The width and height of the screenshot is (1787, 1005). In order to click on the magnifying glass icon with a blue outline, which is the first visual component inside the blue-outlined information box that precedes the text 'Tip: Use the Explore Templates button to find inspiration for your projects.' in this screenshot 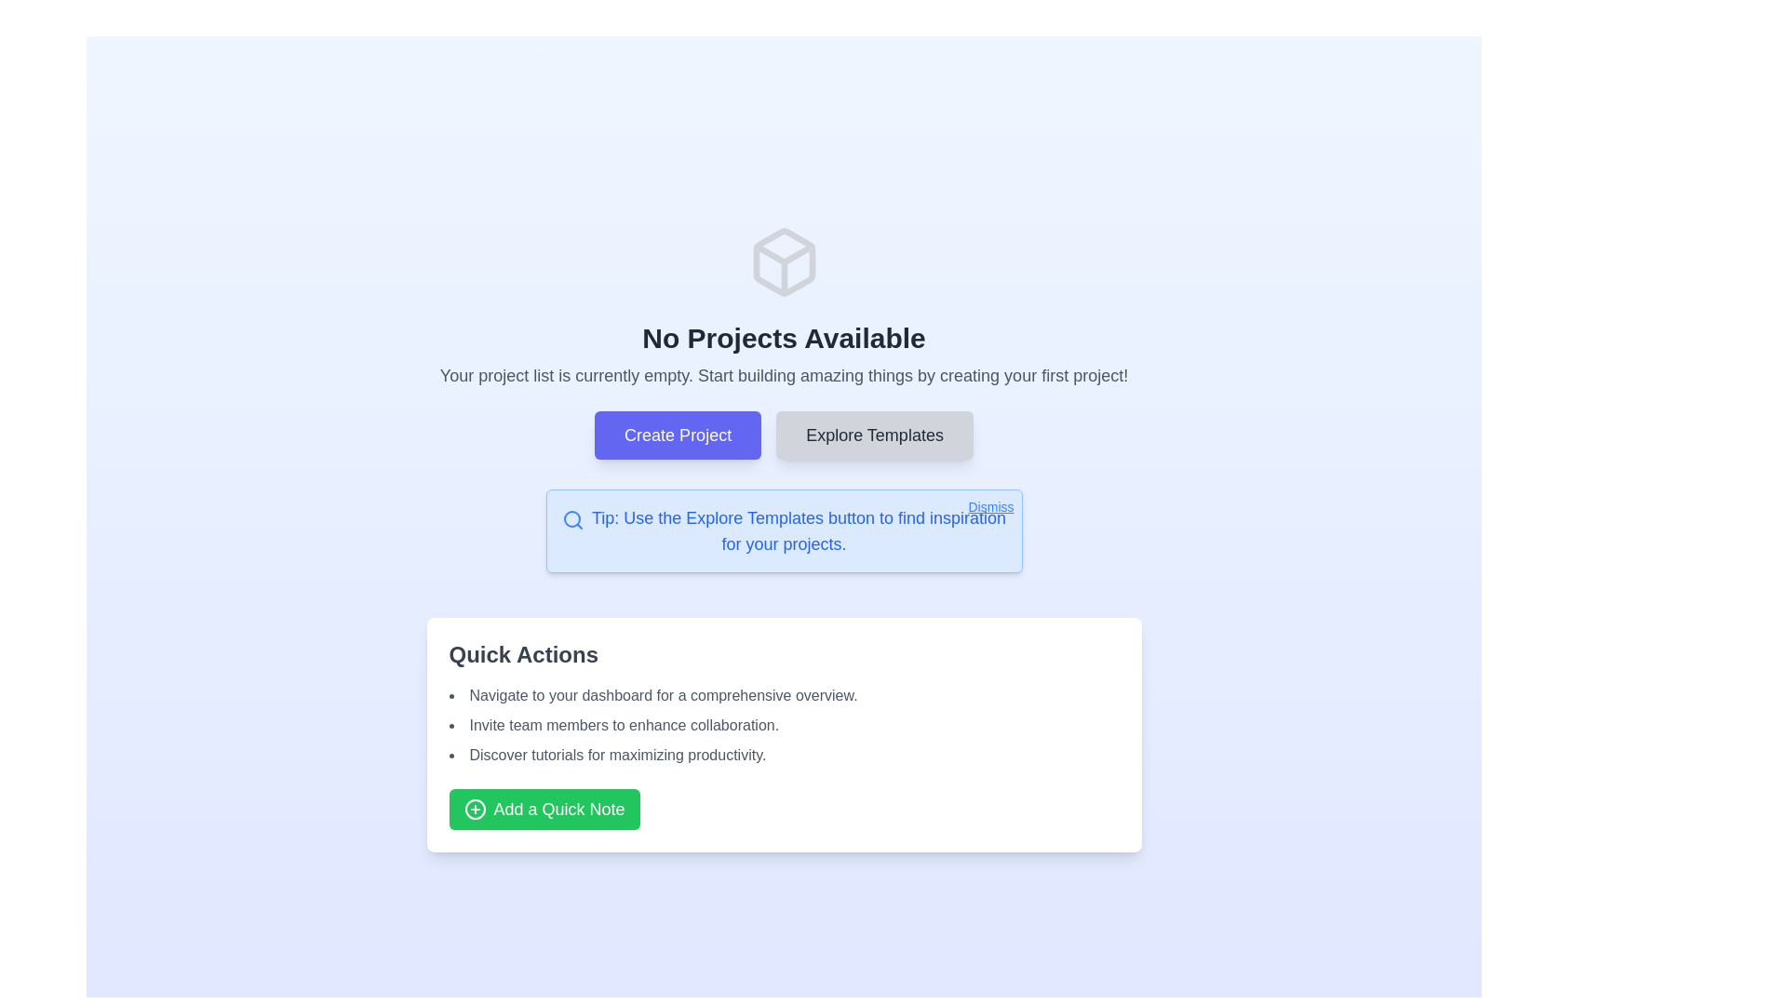, I will do `click(571, 519)`.